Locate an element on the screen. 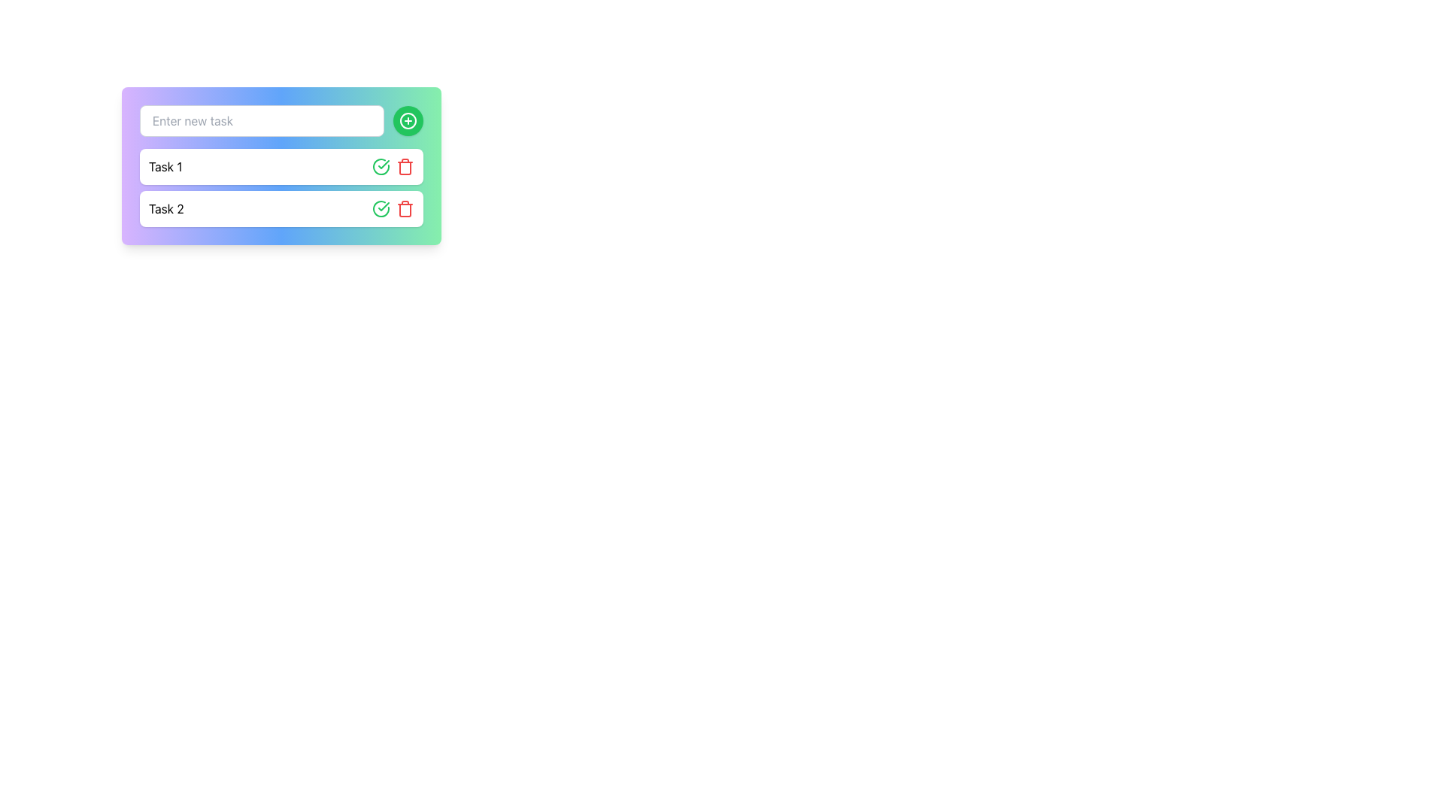 Image resolution: width=1444 pixels, height=812 pixels. the text label displaying 'Task 1' in the top-left section of the top task card is located at coordinates (165, 167).